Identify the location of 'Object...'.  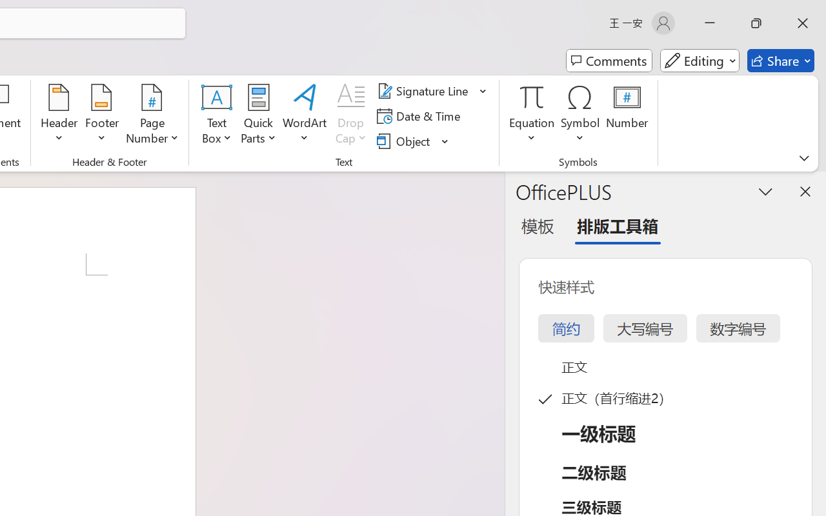
(405, 141).